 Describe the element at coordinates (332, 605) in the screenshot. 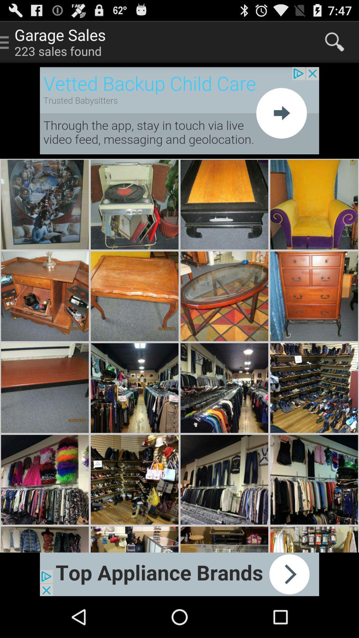

I see `the location icon` at that location.